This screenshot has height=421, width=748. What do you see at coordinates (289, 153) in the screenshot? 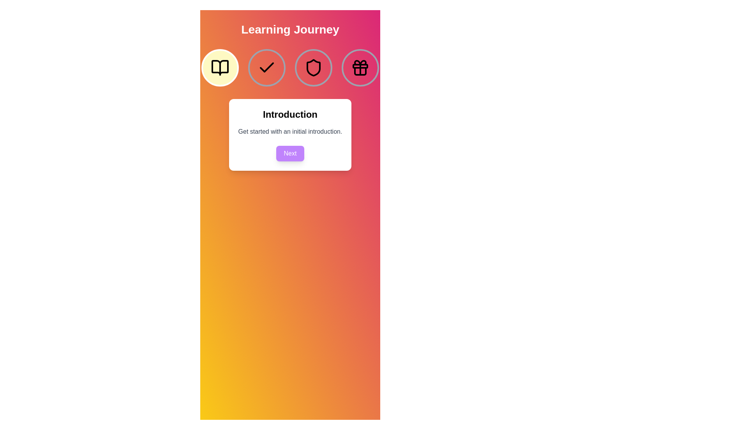
I see `'Next' button to proceed to the next step` at bounding box center [289, 153].